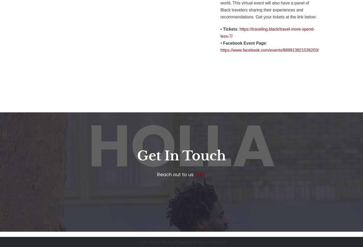 The width and height of the screenshot is (363, 247). Describe the element at coordinates (244, 43) in the screenshot. I see `'Facebook Event Page'` at that location.